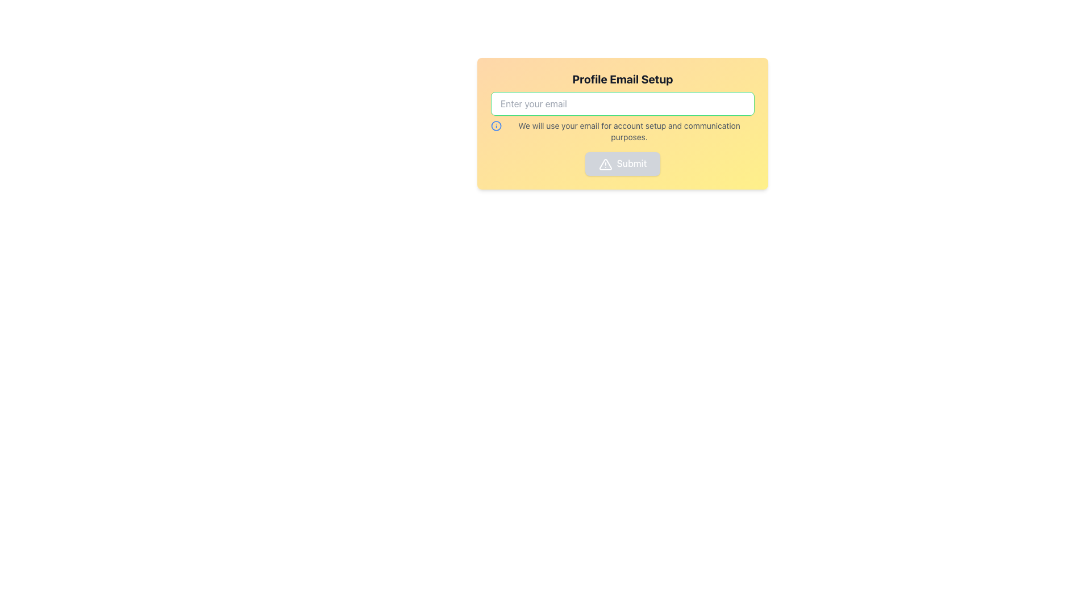  Describe the element at coordinates (622, 163) in the screenshot. I see `the disabled submit button located at the bottom of the card layout, which has a gradient background transitioning from orange to yellow, directly below the text 'We will use your email for account setup and communication purposes.'` at that location.